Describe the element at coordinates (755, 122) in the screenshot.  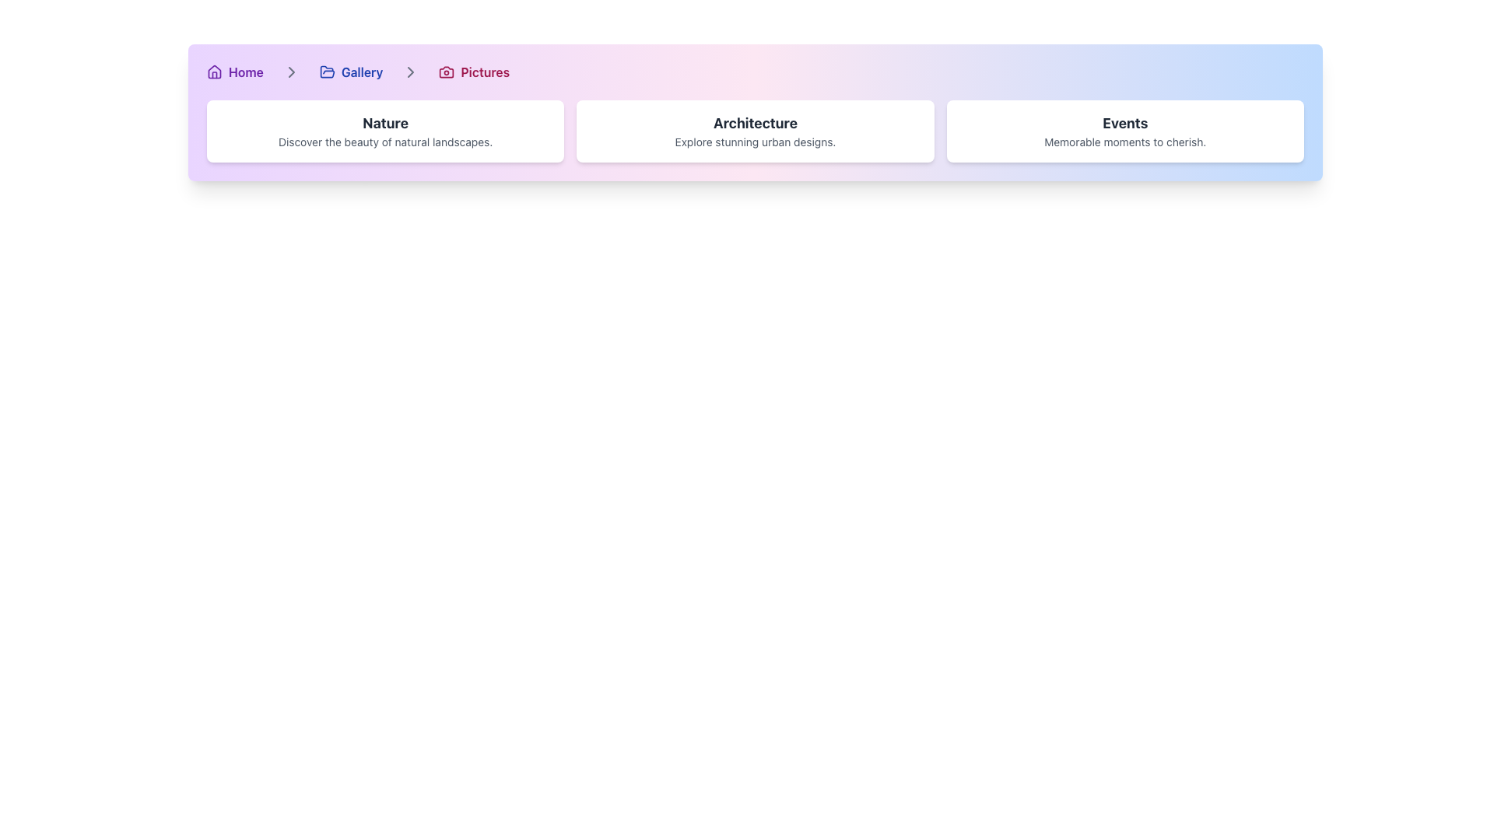
I see `the 'Architecture' text element` at that location.